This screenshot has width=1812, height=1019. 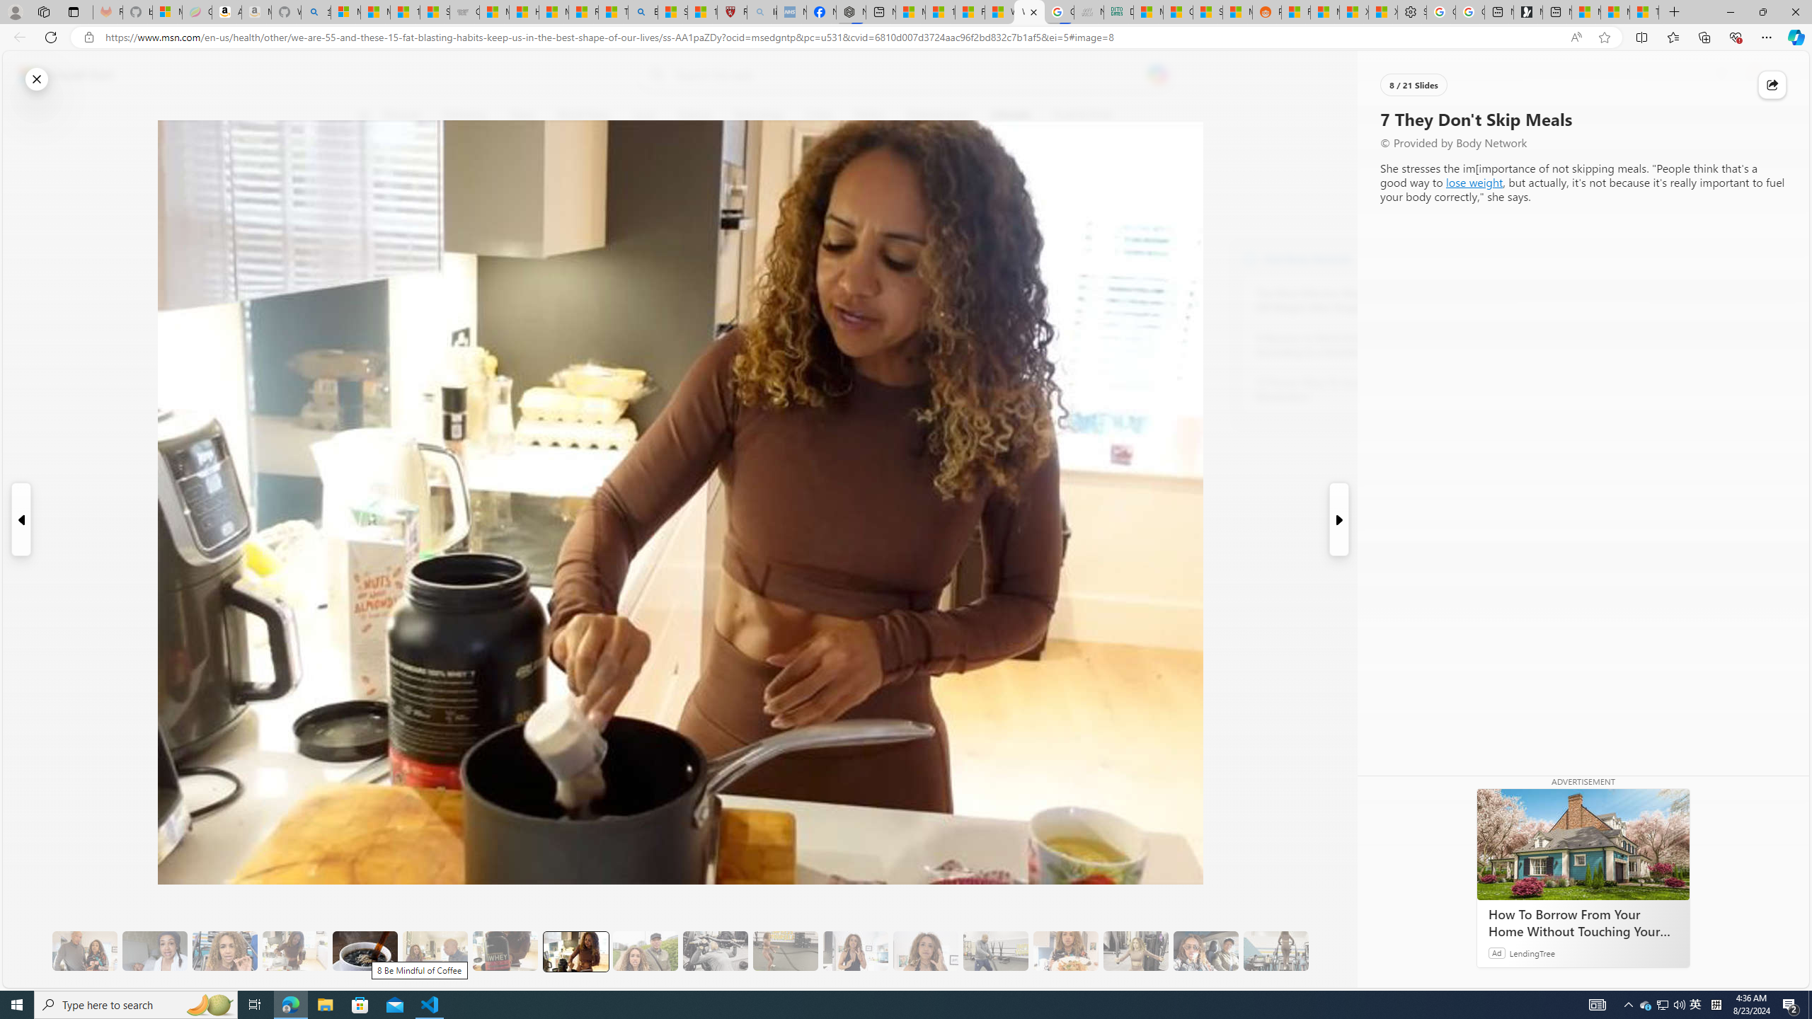 I want to click on '8 Be Mindful of Coffee', so click(x=364, y=951).